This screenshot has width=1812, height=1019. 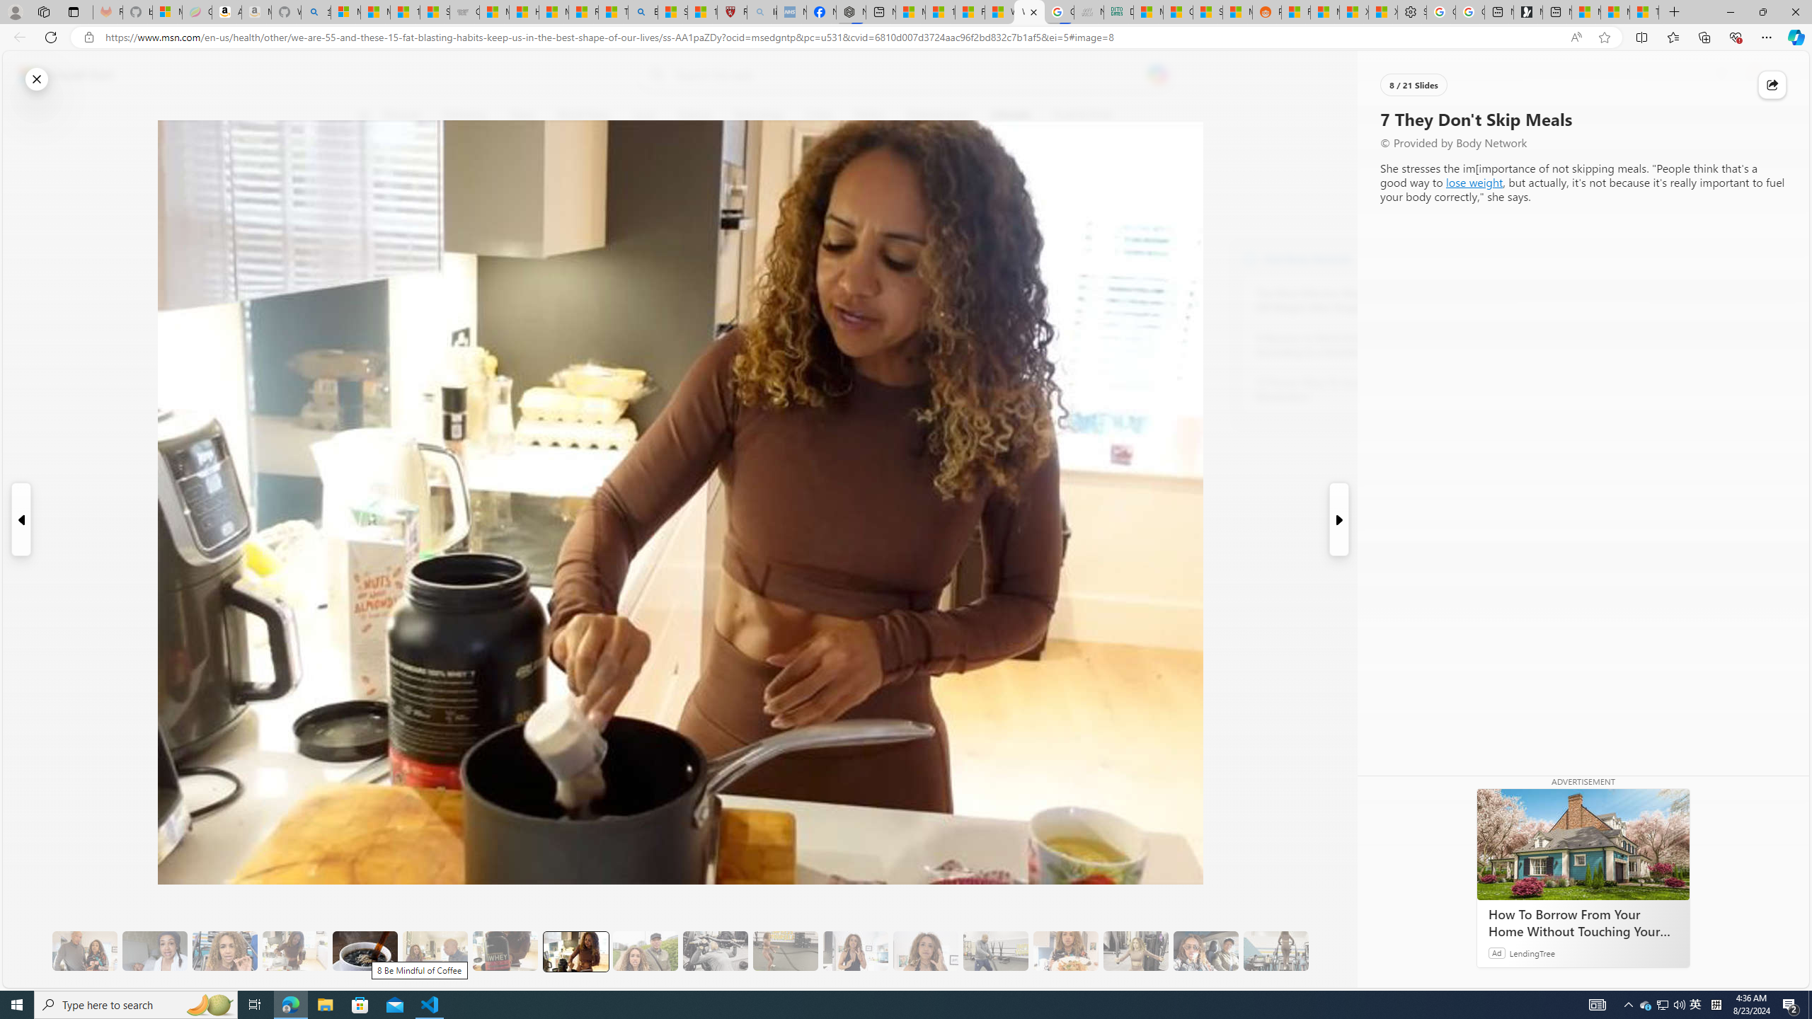 I want to click on '8 Be Mindful of Coffee', so click(x=364, y=951).